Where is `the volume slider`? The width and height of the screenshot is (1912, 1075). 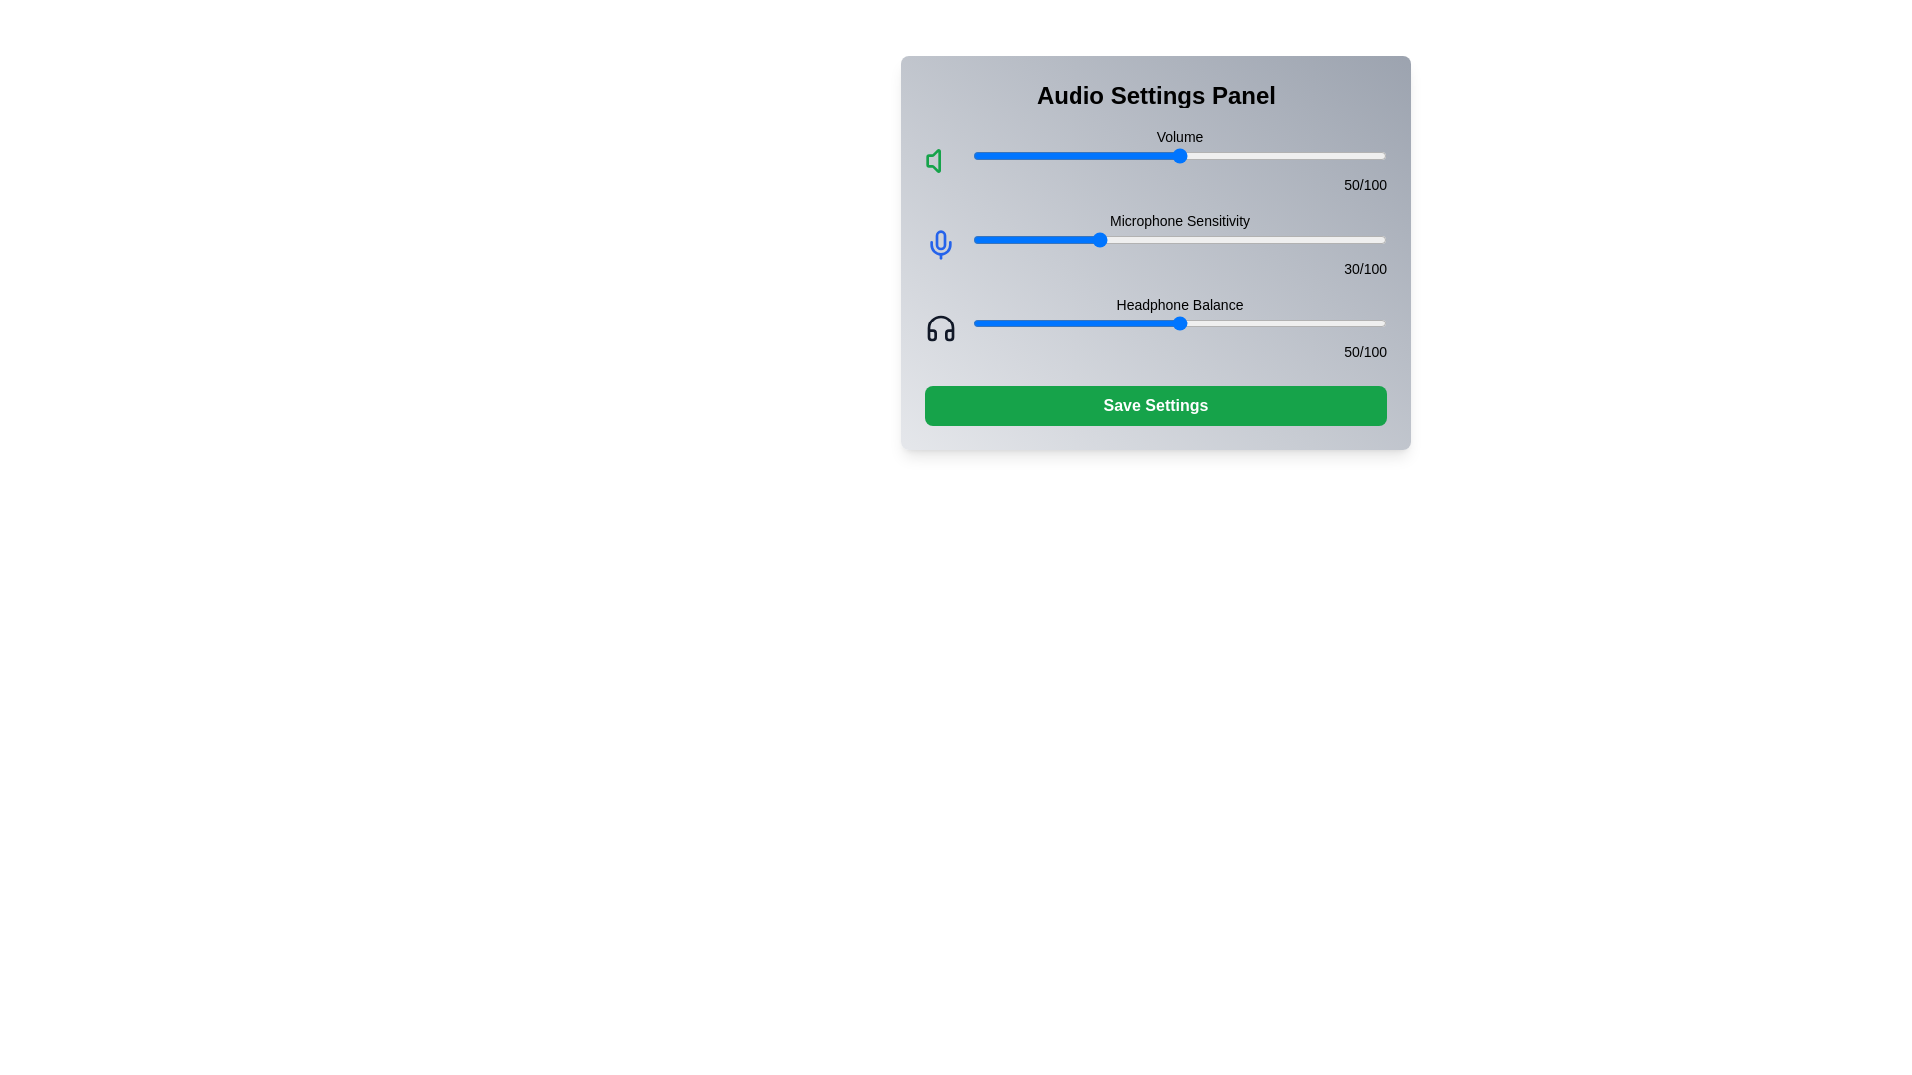
the volume slider is located at coordinates (1220, 155).